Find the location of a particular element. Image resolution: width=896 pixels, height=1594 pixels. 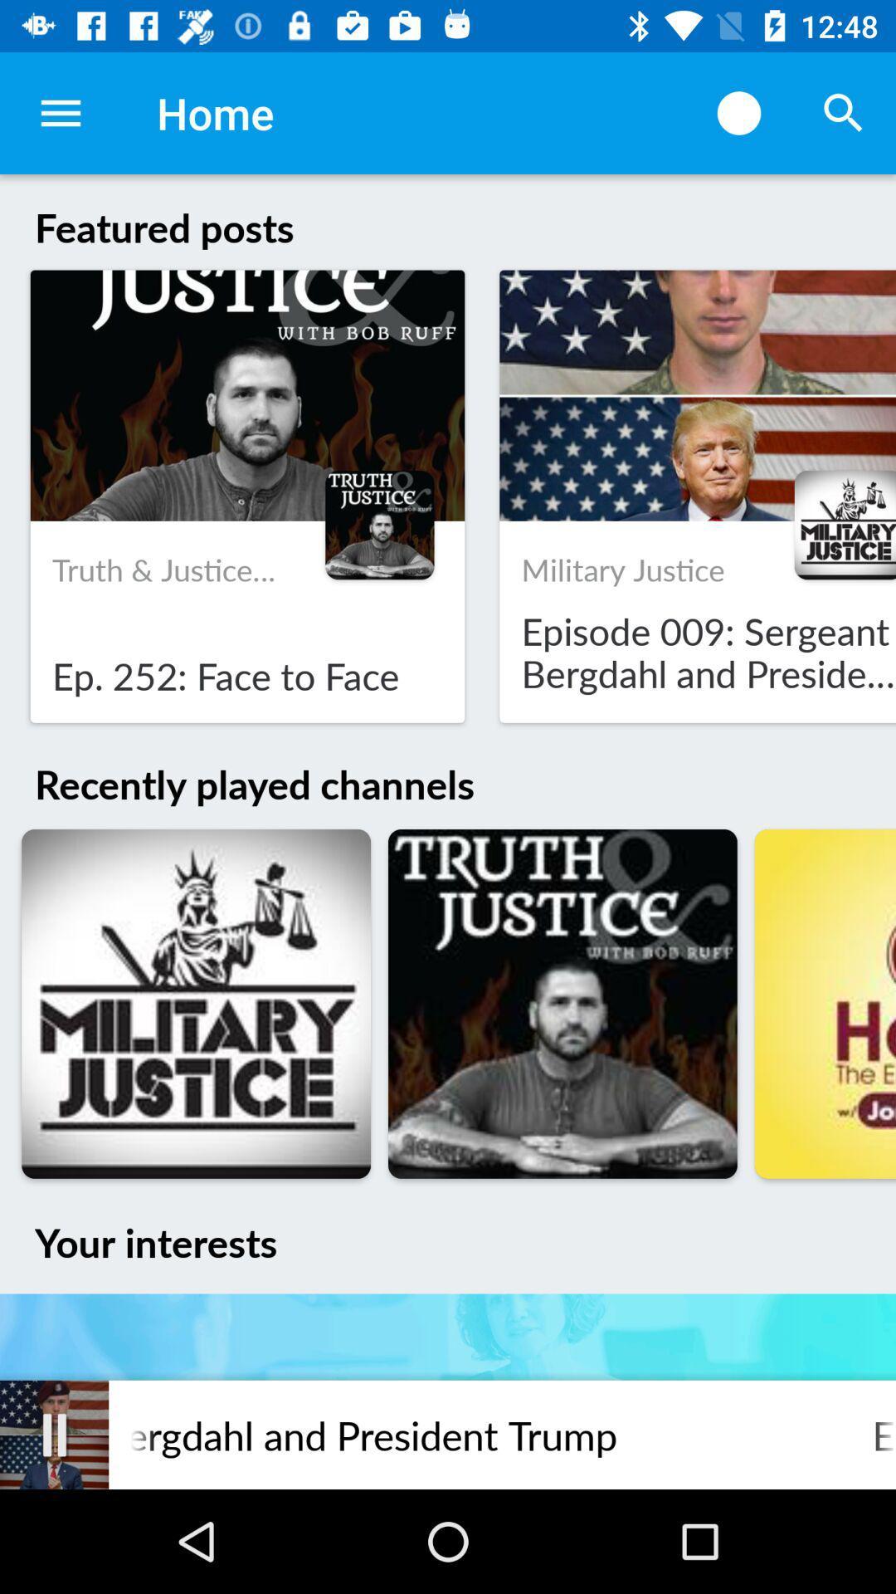

the icon to the right of home item is located at coordinates (738, 112).